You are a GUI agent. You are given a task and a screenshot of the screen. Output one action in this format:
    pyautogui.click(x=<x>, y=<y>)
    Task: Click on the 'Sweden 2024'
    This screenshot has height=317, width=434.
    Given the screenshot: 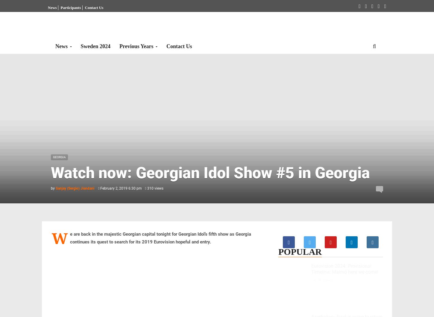 What is the action you would take?
    pyautogui.click(x=95, y=46)
    